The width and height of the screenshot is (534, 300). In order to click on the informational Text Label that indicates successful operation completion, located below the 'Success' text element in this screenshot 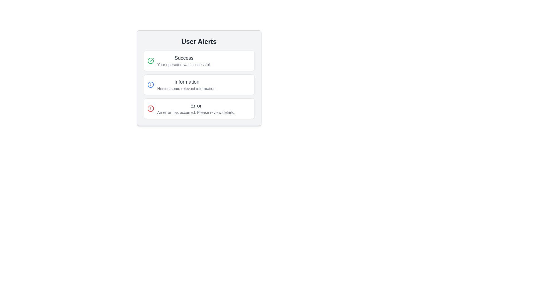, I will do `click(184, 64)`.